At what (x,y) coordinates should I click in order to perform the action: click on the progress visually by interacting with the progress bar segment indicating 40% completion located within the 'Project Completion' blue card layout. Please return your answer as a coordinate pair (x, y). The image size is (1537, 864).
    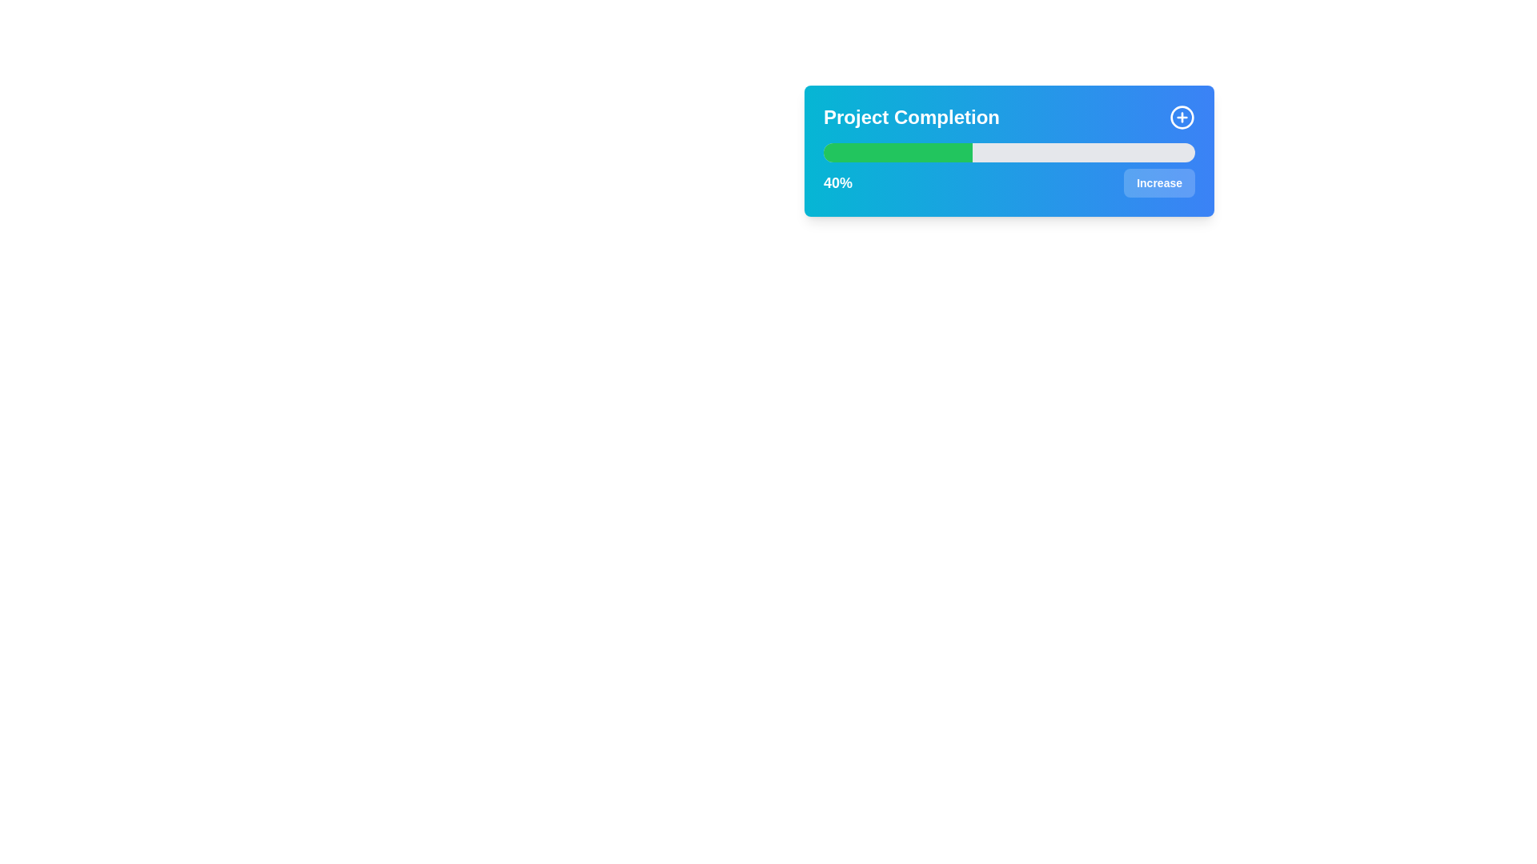
    Looking at the image, I should click on (897, 153).